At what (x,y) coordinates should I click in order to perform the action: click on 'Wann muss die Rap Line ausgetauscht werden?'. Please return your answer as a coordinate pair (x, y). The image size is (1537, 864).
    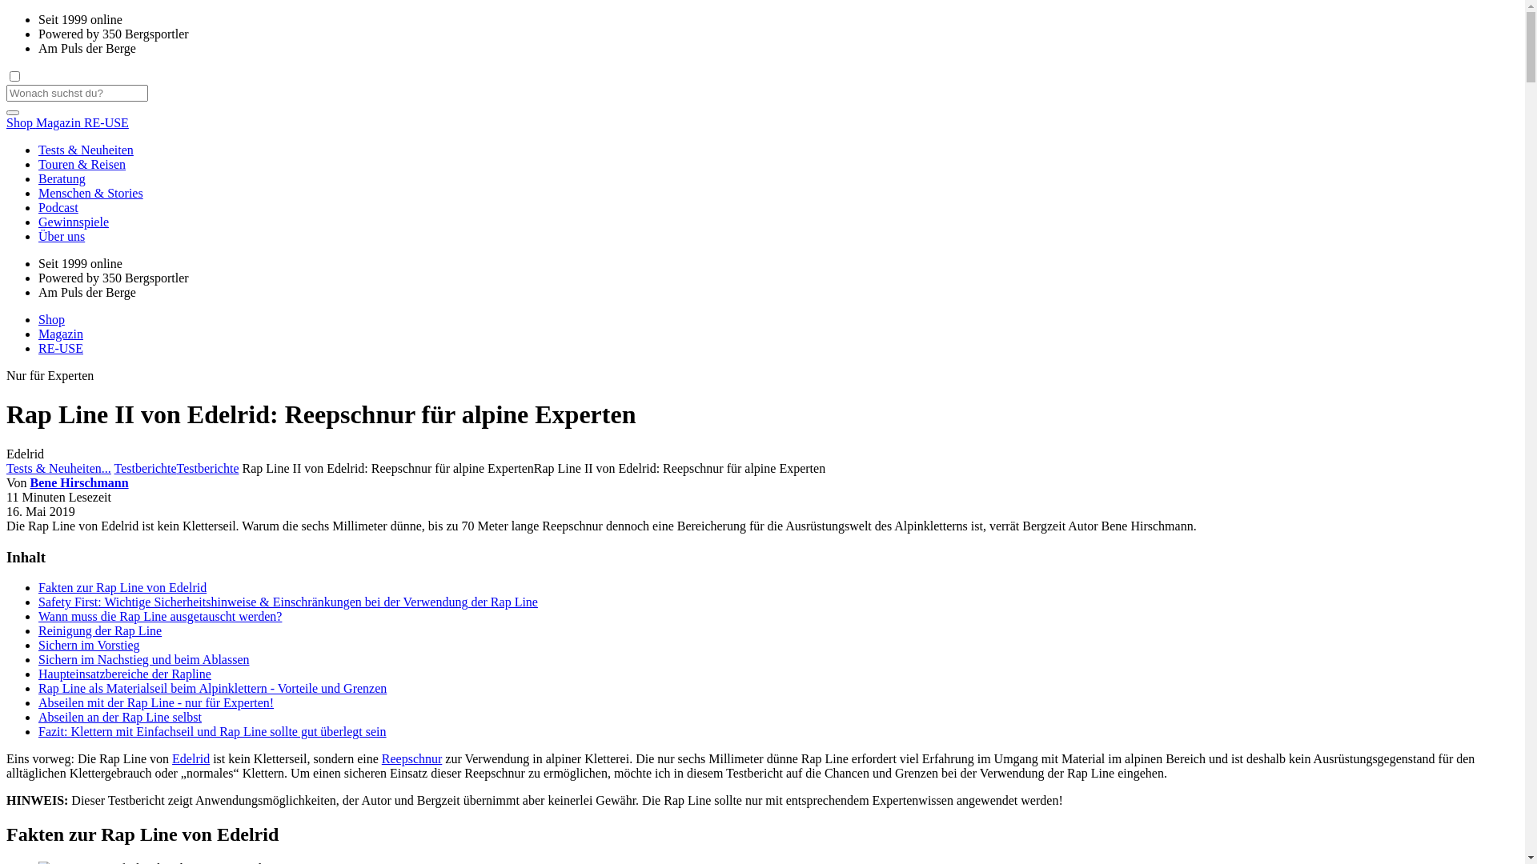
    Looking at the image, I should click on (160, 615).